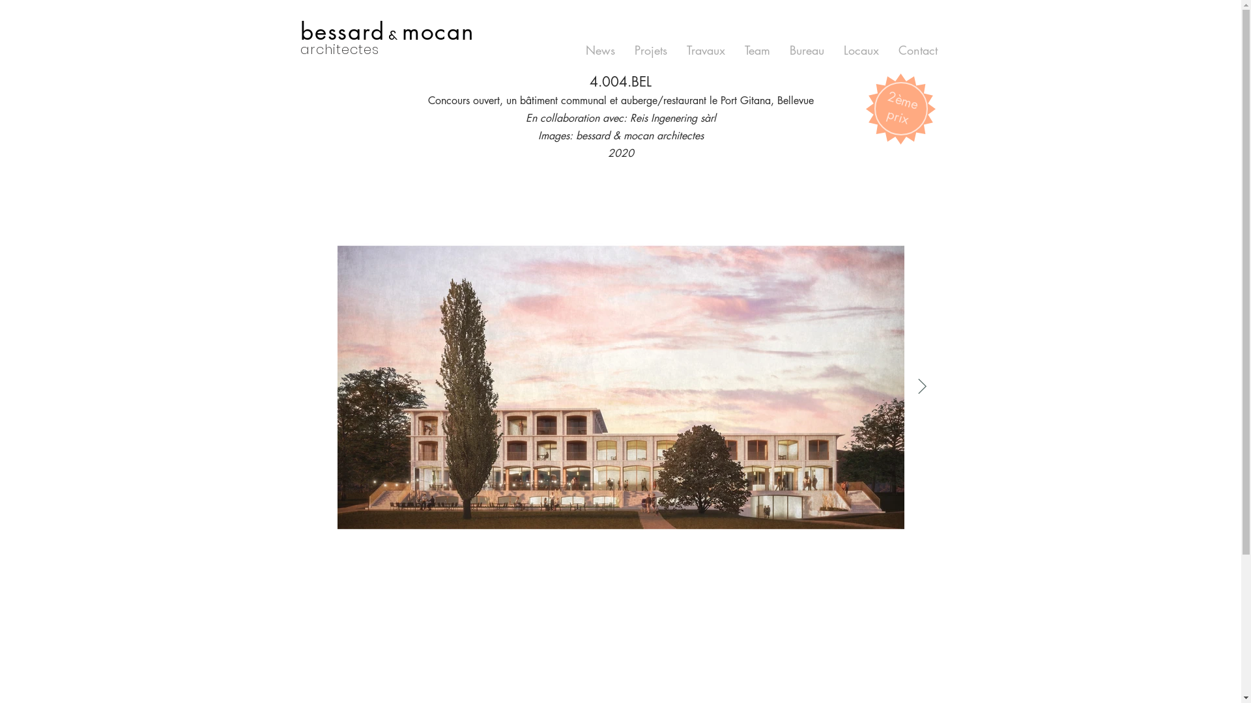 The image size is (1251, 703). Describe the element at coordinates (676, 49) in the screenshot. I see `'Travaux'` at that location.